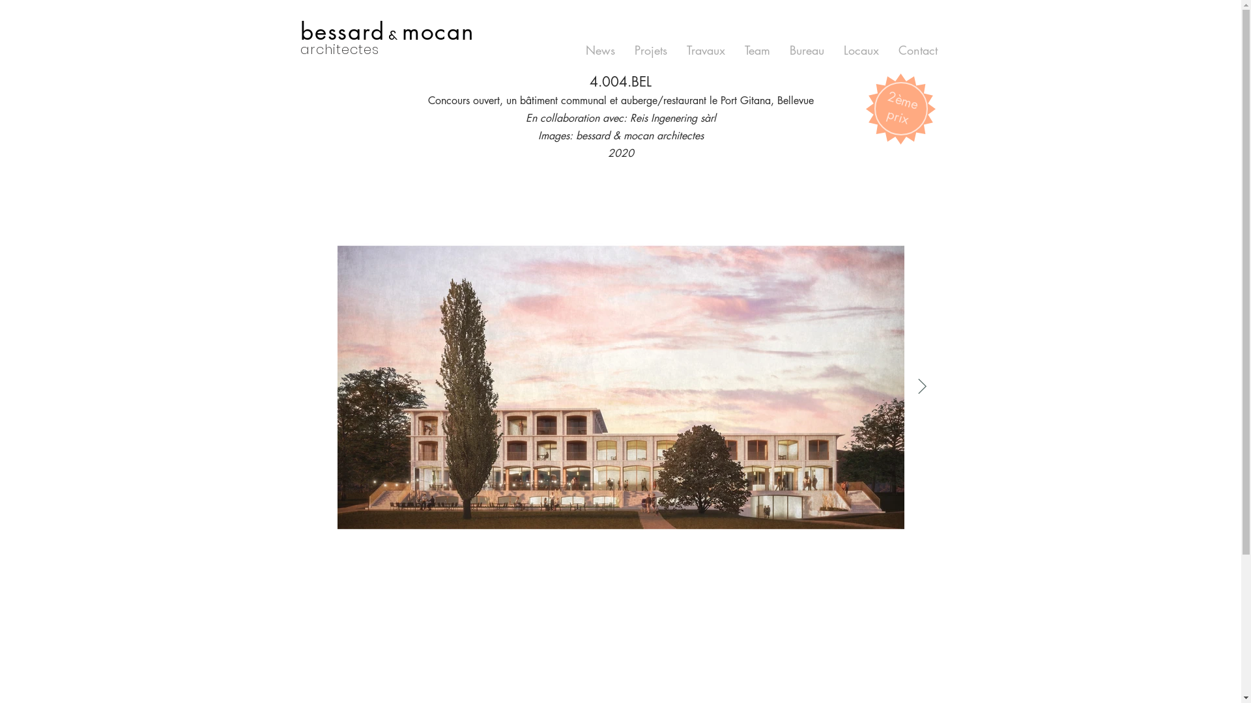 The image size is (1251, 703). Describe the element at coordinates (676, 49) in the screenshot. I see `'Travaux'` at that location.